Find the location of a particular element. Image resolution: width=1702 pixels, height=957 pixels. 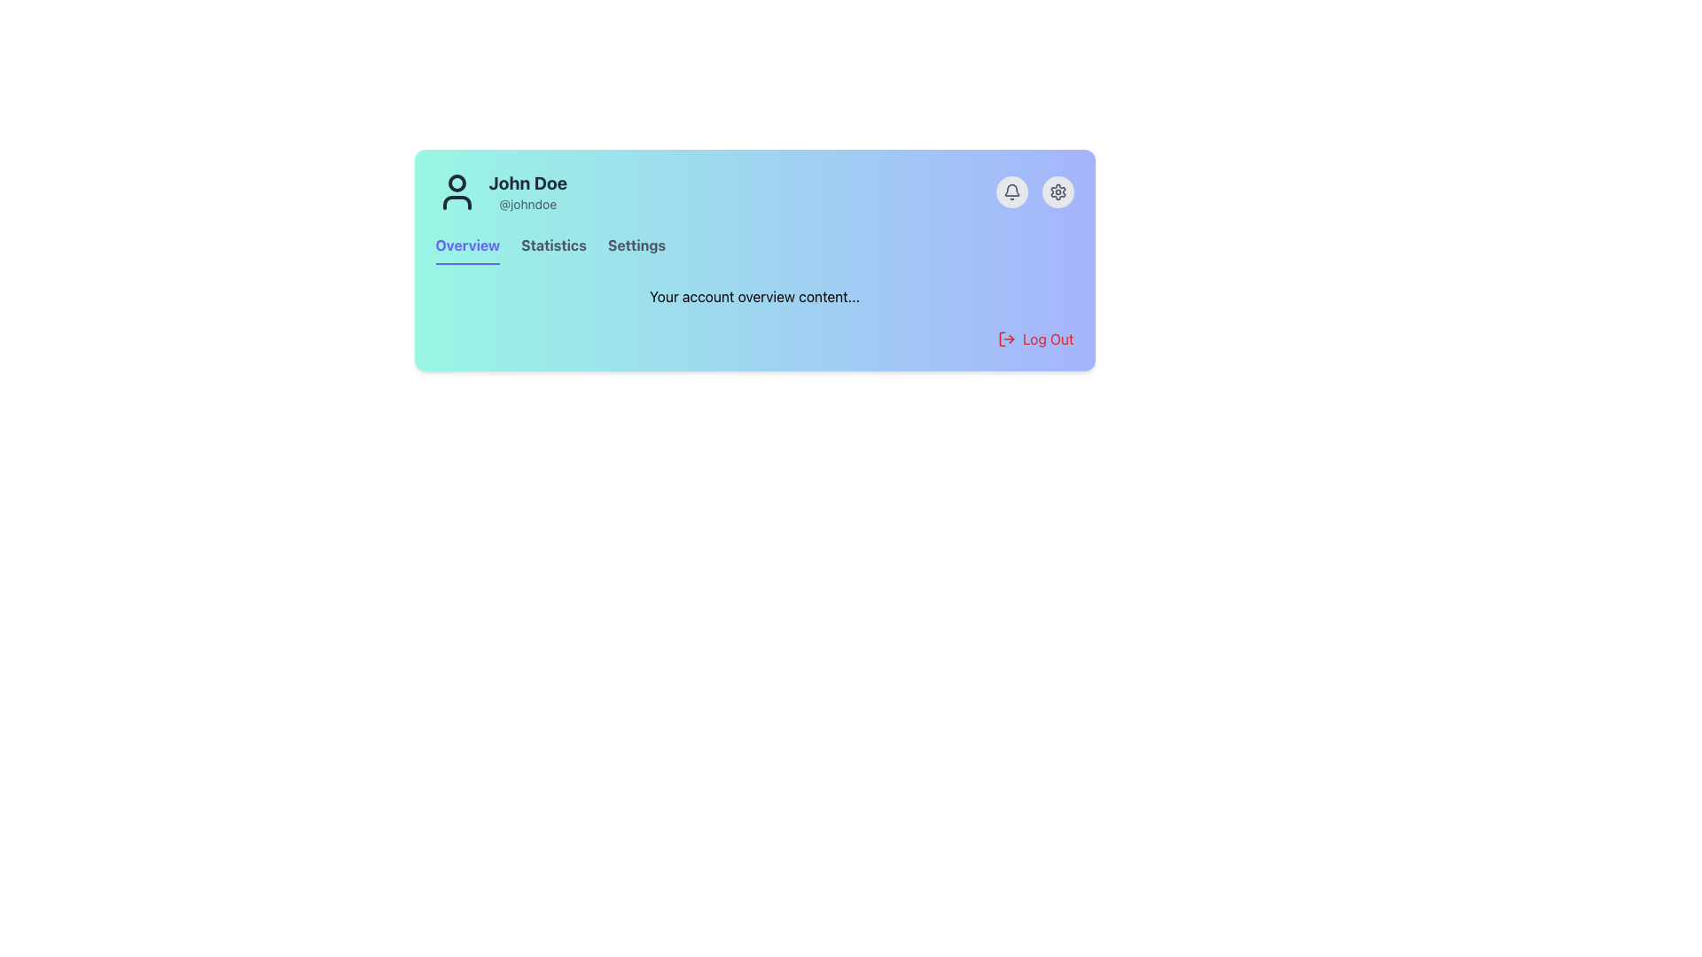

the 'Statistics' tab in the horizontal navigation bar is located at coordinates (552, 249).